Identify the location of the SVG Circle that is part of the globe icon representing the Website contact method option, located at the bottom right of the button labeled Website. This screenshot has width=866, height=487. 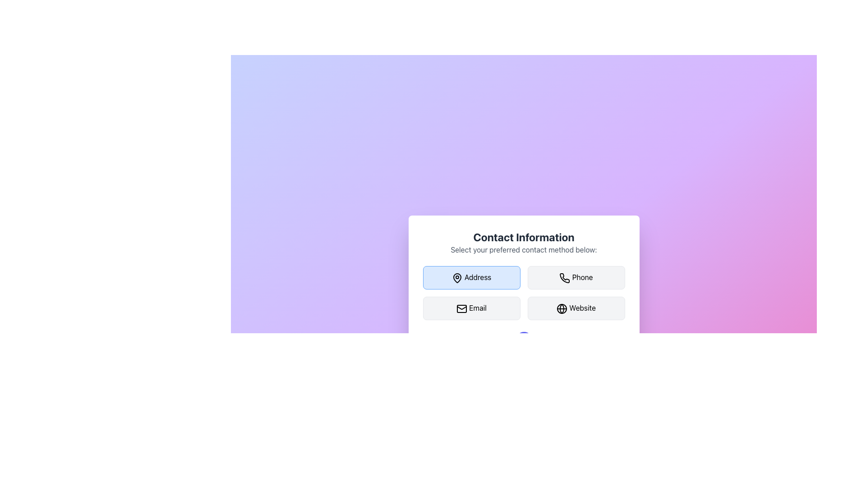
(562, 308).